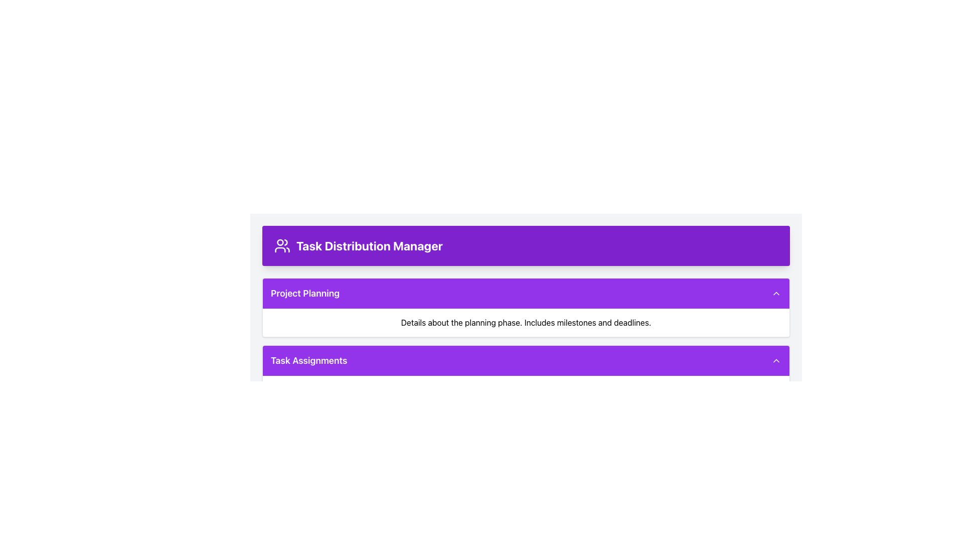 Image resolution: width=963 pixels, height=542 pixels. I want to click on the Label element located at the bottom of the purple rectangular section associated with task assignments, which is accompanied by an adjacent chevron upwards icon, so click(308, 360).